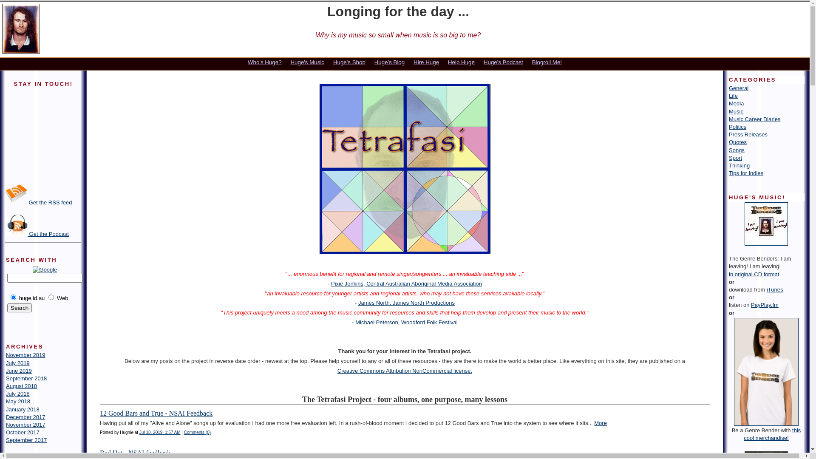 The width and height of the screenshot is (816, 459). I want to click on 'Comments (0)', so click(183, 432).